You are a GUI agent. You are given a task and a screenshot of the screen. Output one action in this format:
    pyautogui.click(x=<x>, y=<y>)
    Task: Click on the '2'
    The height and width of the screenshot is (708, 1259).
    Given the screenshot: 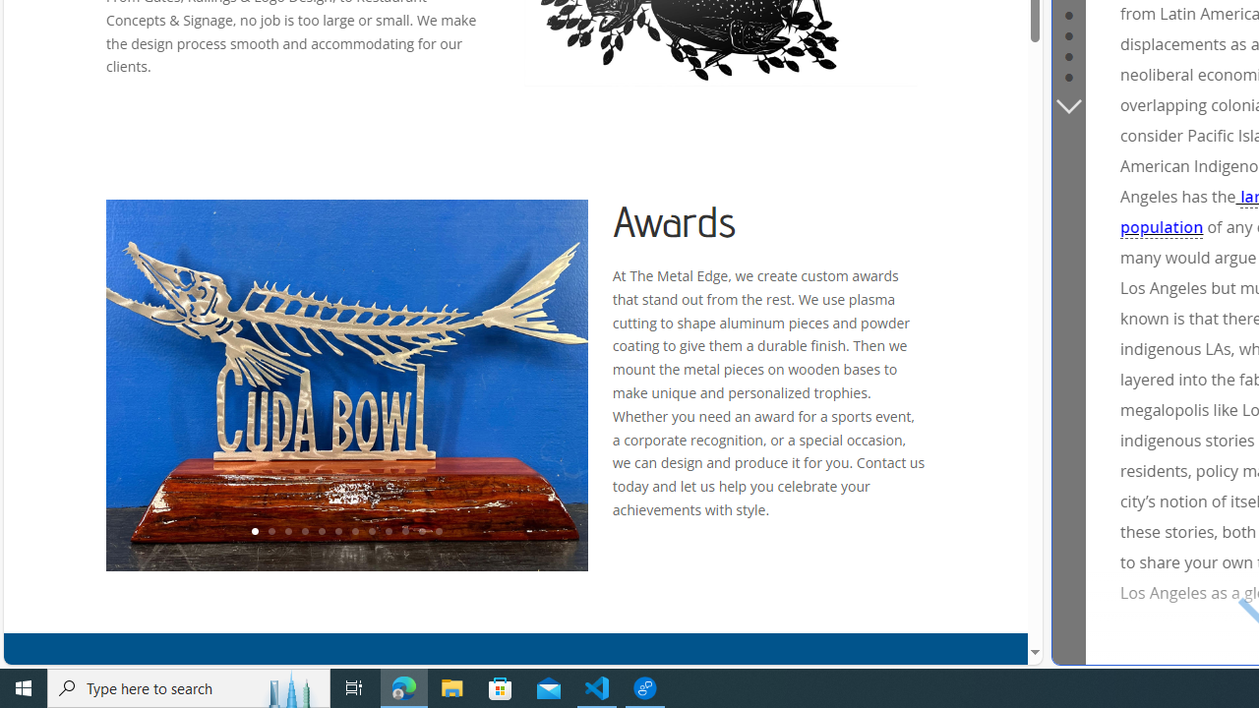 What is the action you would take?
    pyautogui.click(x=270, y=532)
    